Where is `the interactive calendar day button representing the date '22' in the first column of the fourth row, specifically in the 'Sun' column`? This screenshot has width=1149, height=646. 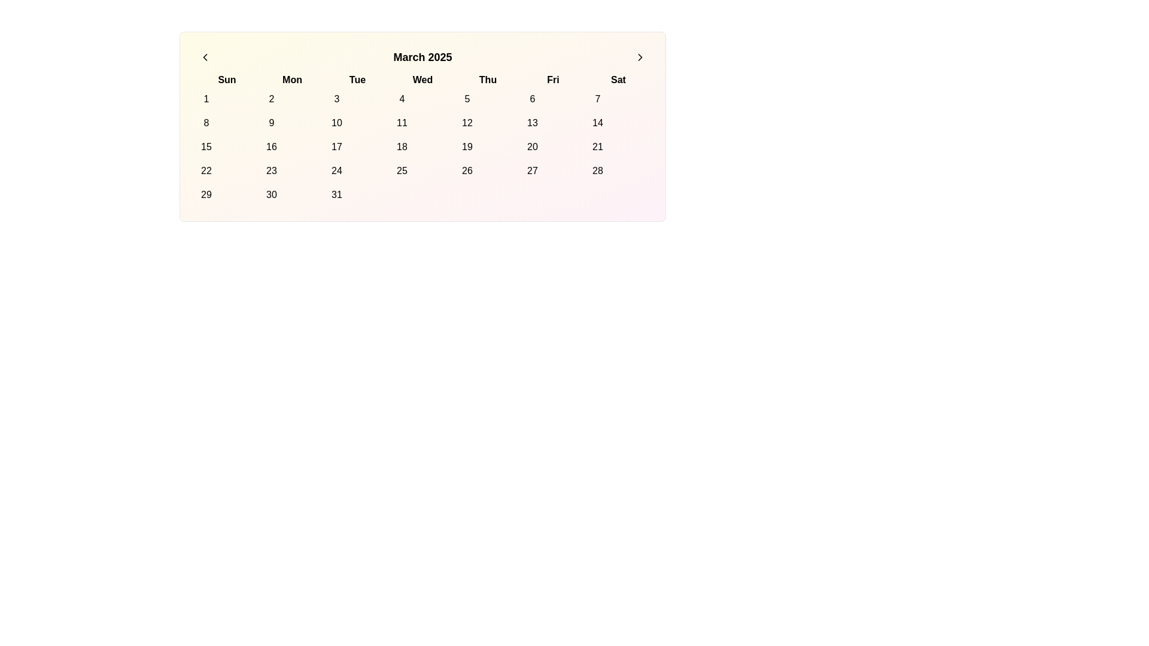 the interactive calendar day button representing the date '22' in the first column of the fourth row, specifically in the 'Sun' column is located at coordinates (206, 170).